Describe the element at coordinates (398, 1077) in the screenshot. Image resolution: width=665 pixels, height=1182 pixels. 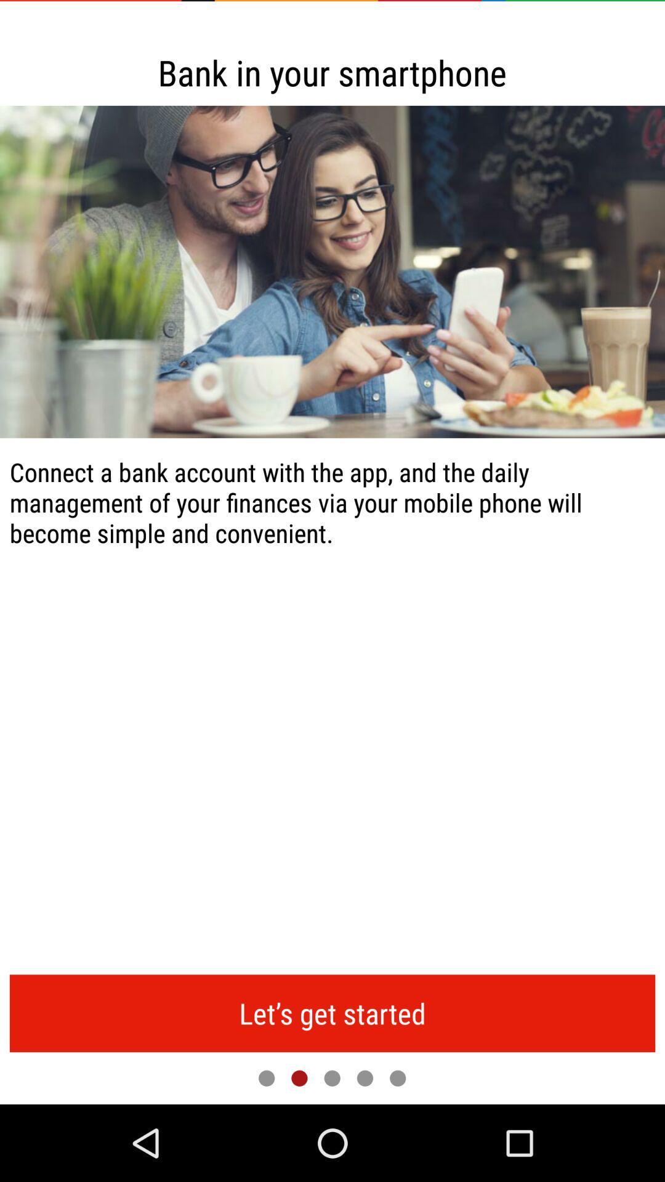
I see `last page of slideshow` at that location.